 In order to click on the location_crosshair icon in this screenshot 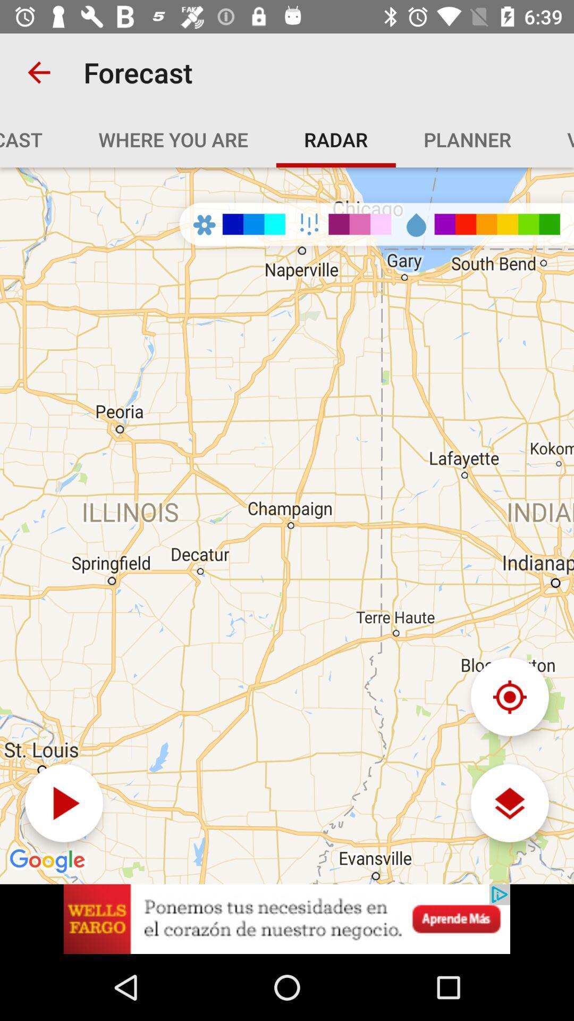, I will do `click(509, 697)`.